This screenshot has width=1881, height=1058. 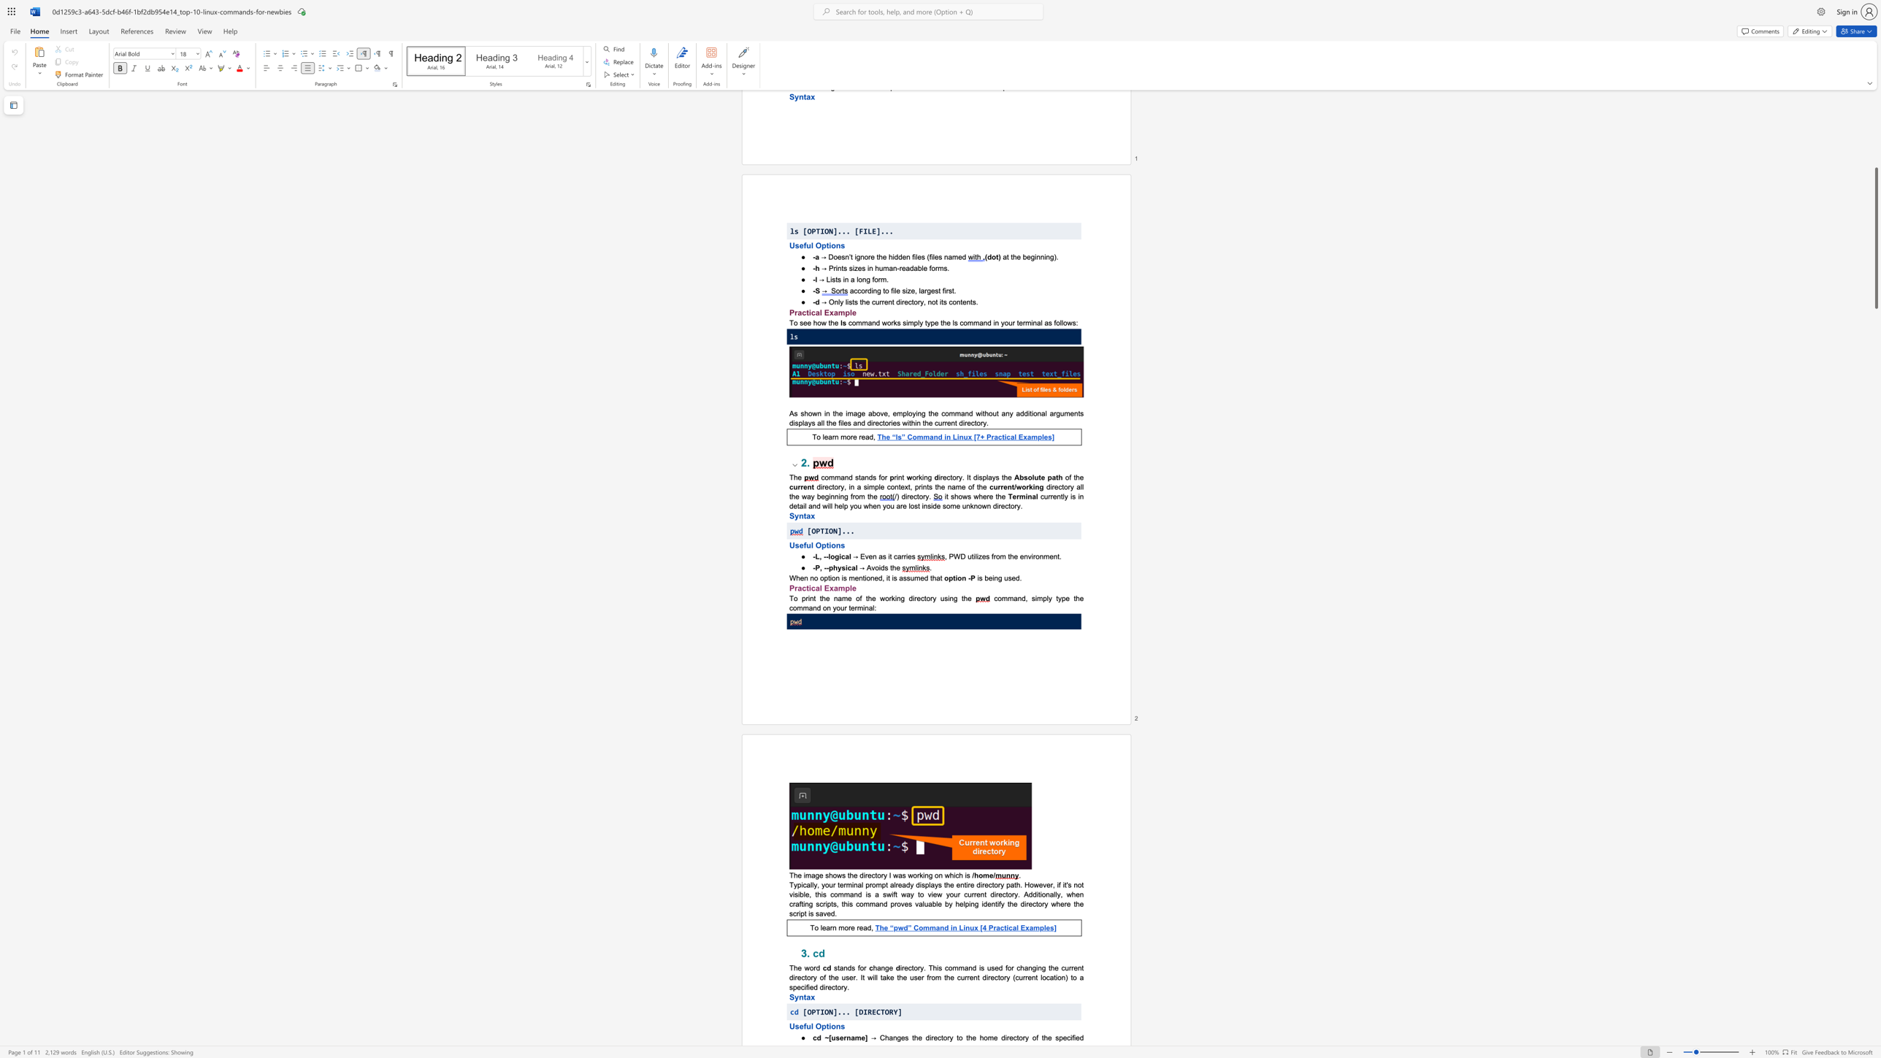 What do you see at coordinates (1073, 902) in the screenshot?
I see `the 3th character "t" in the text` at bounding box center [1073, 902].